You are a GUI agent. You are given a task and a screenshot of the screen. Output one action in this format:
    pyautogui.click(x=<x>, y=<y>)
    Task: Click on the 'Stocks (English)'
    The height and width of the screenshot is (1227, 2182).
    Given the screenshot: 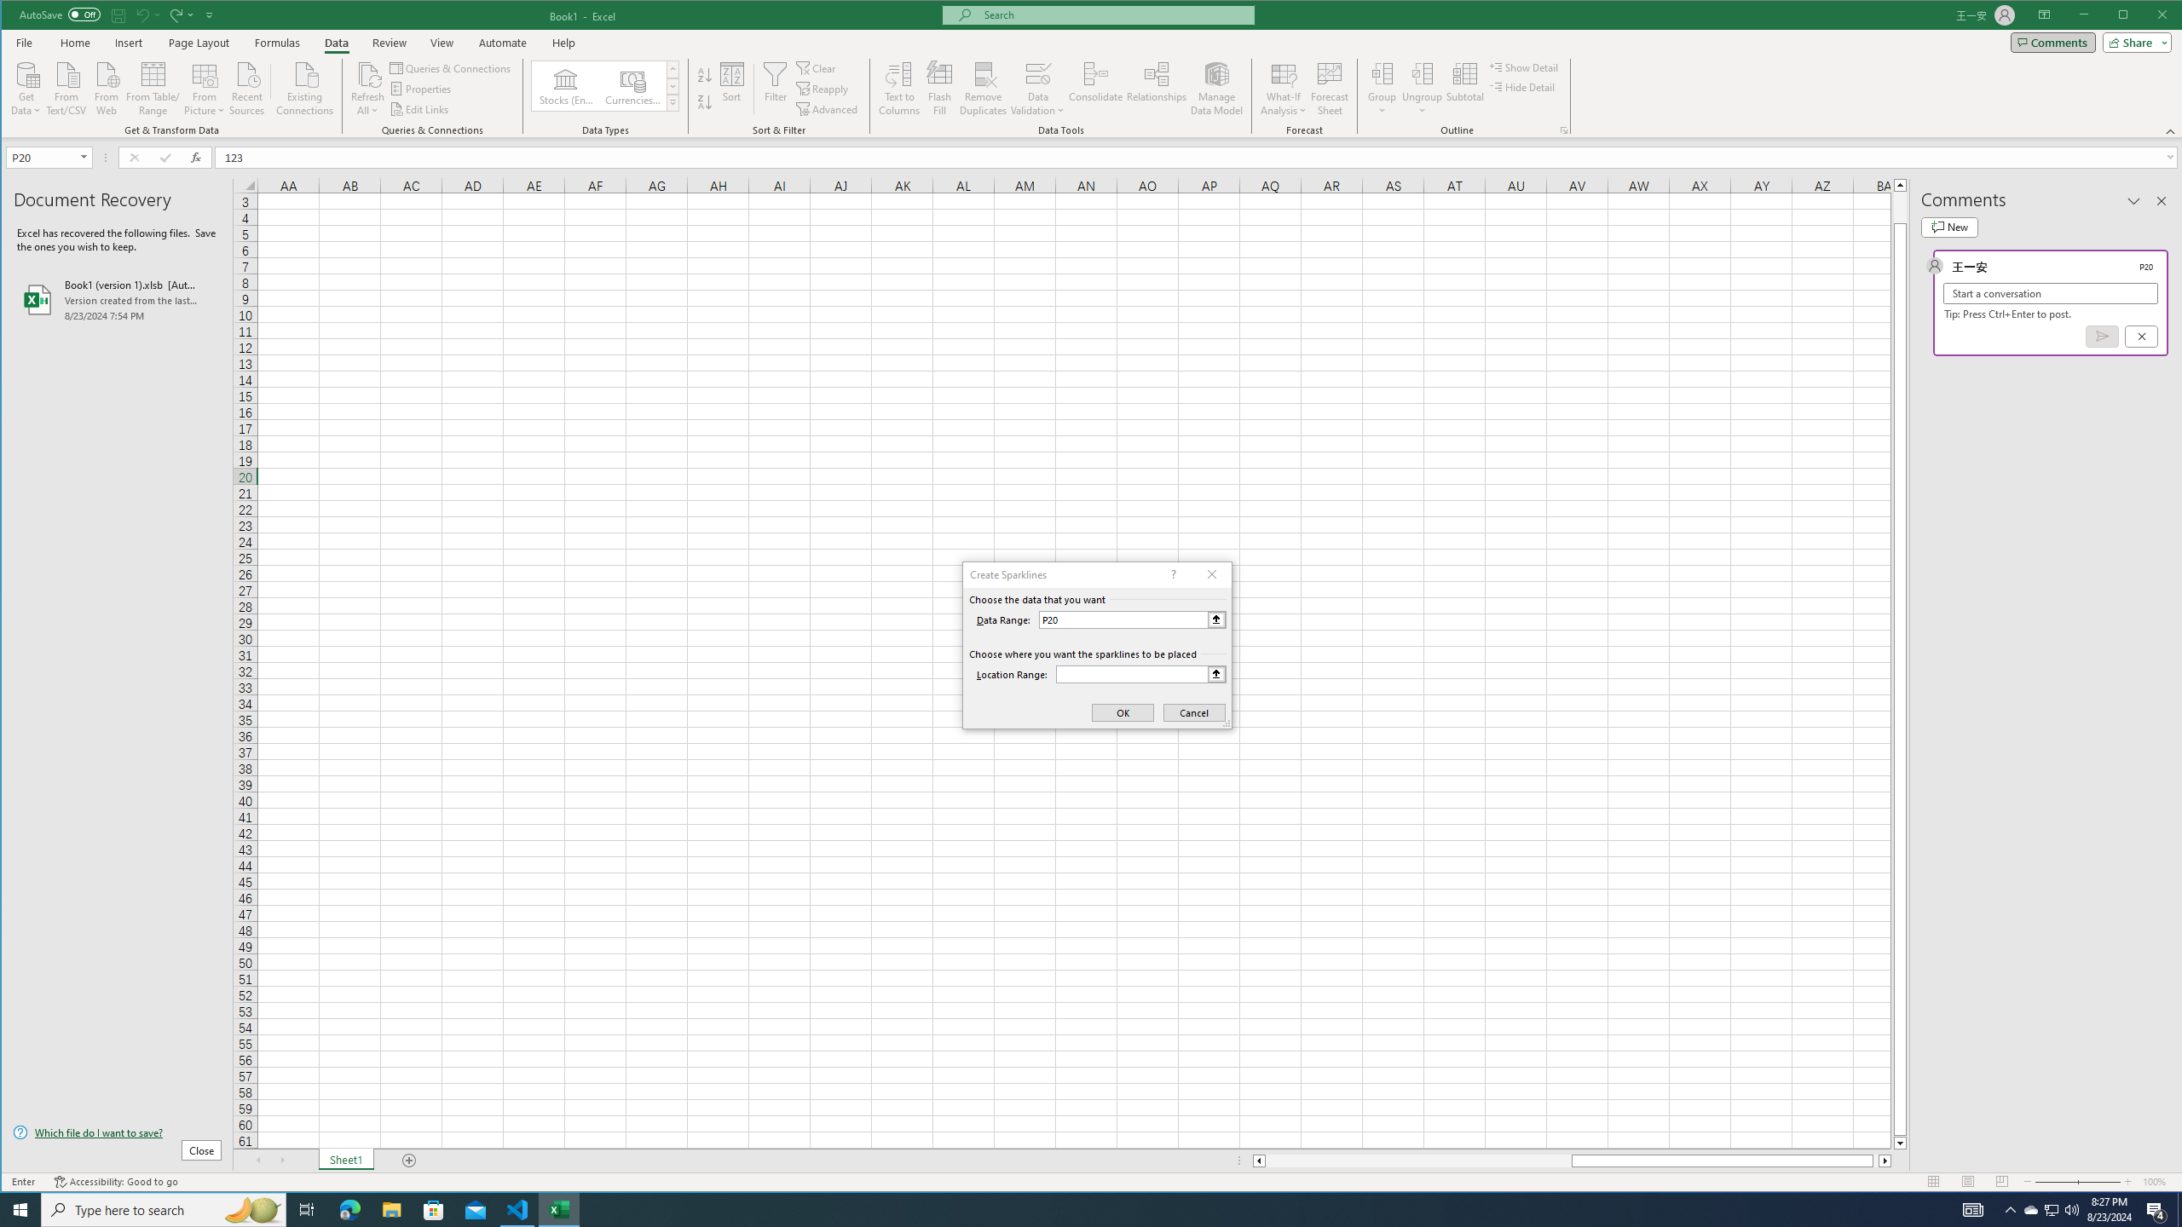 What is the action you would take?
    pyautogui.click(x=566, y=85)
    